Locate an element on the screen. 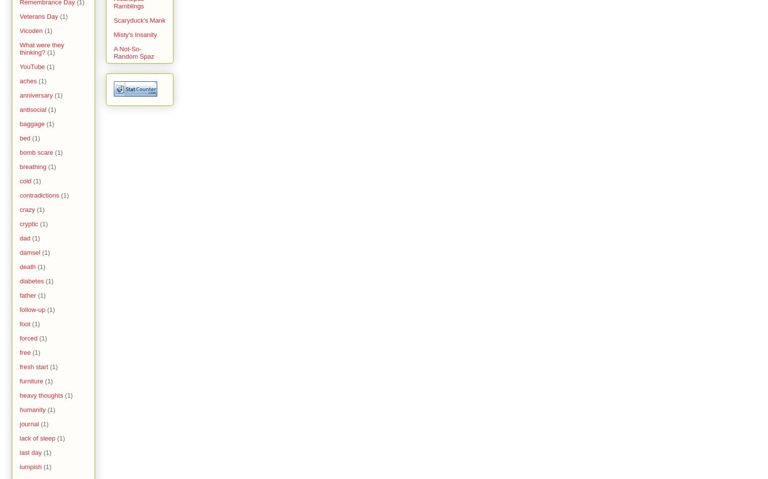 The width and height of the screenshot is (768, 479). 'fresh start' is located at coordinates (20, 367).